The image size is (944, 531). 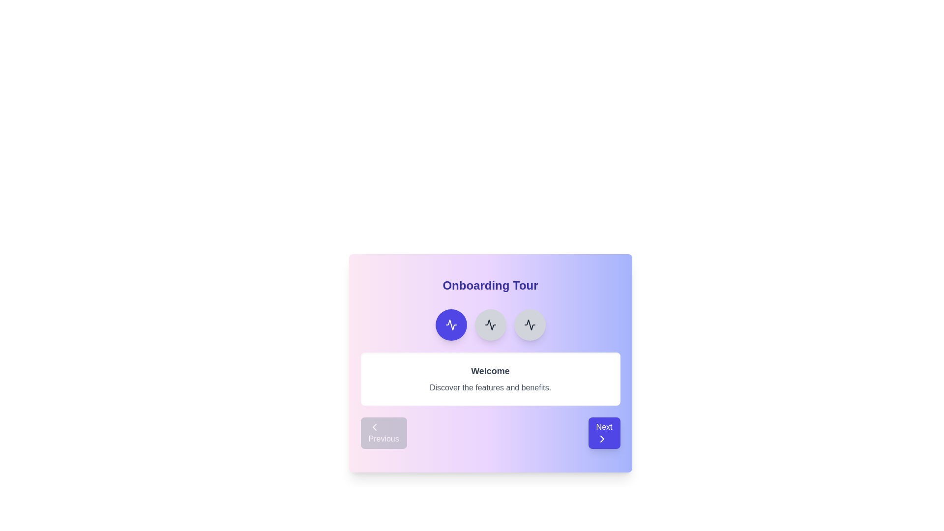 I want to click on the right-facing chevron icon within the 'Next' button, which is styled in a minimalist design and positioned towards the center-right of the page, so click(x=601, y=439).